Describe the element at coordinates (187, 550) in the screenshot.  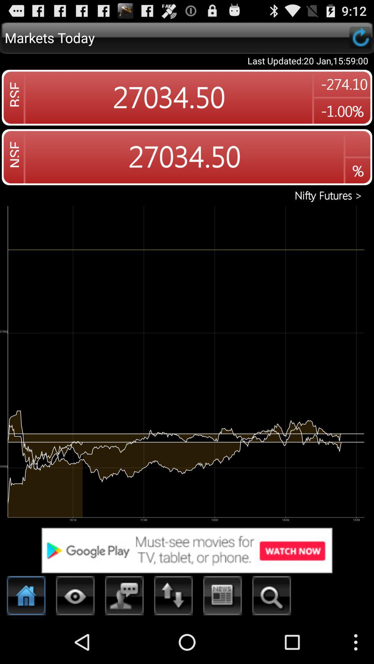
I see `advertisement banner` at that location.